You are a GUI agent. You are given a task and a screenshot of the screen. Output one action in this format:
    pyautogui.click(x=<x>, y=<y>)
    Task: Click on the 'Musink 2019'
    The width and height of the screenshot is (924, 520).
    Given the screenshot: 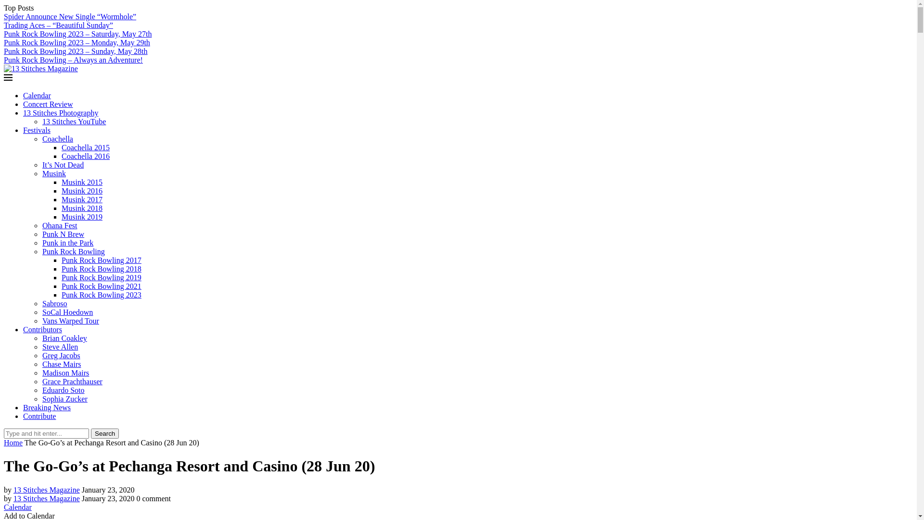 What is the action you would take?
    pyautogui.click(x=61, y=217)
    